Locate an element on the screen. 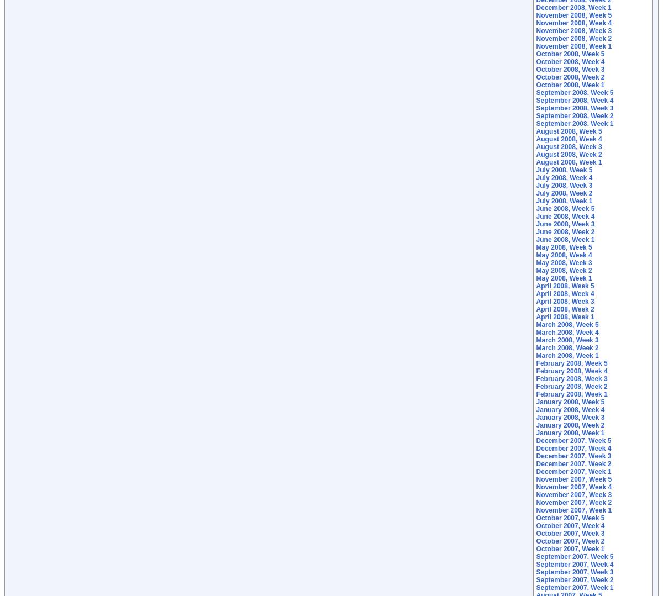 The image size is (663, 596). 'August 2008, Week 2' is located at coordinates (569, 155).